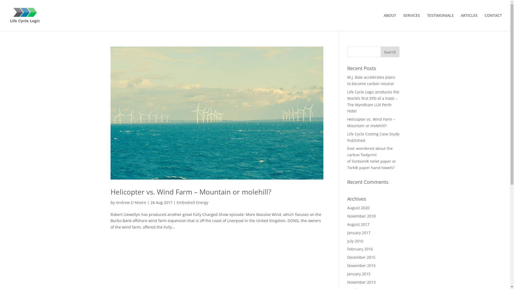 The height and width of the screenshot is (289, 514). What do you see at coordinates (460, 22) in the screenshot?
I see `'ARTICLES'` at bounding box center [460, 22].